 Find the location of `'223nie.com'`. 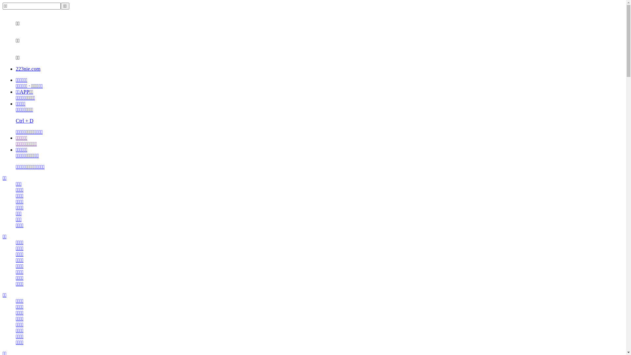

'223nie.com' is located at coordinates (28, 69).